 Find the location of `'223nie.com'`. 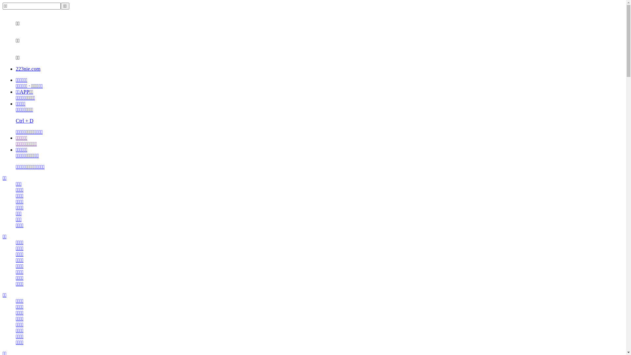

'223nie.com' is located at coordinates (28, 69).